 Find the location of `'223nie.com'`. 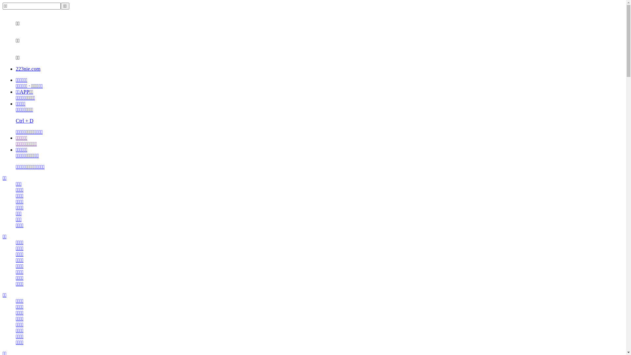

'223nie.com' is located at coordinates (28, 69).